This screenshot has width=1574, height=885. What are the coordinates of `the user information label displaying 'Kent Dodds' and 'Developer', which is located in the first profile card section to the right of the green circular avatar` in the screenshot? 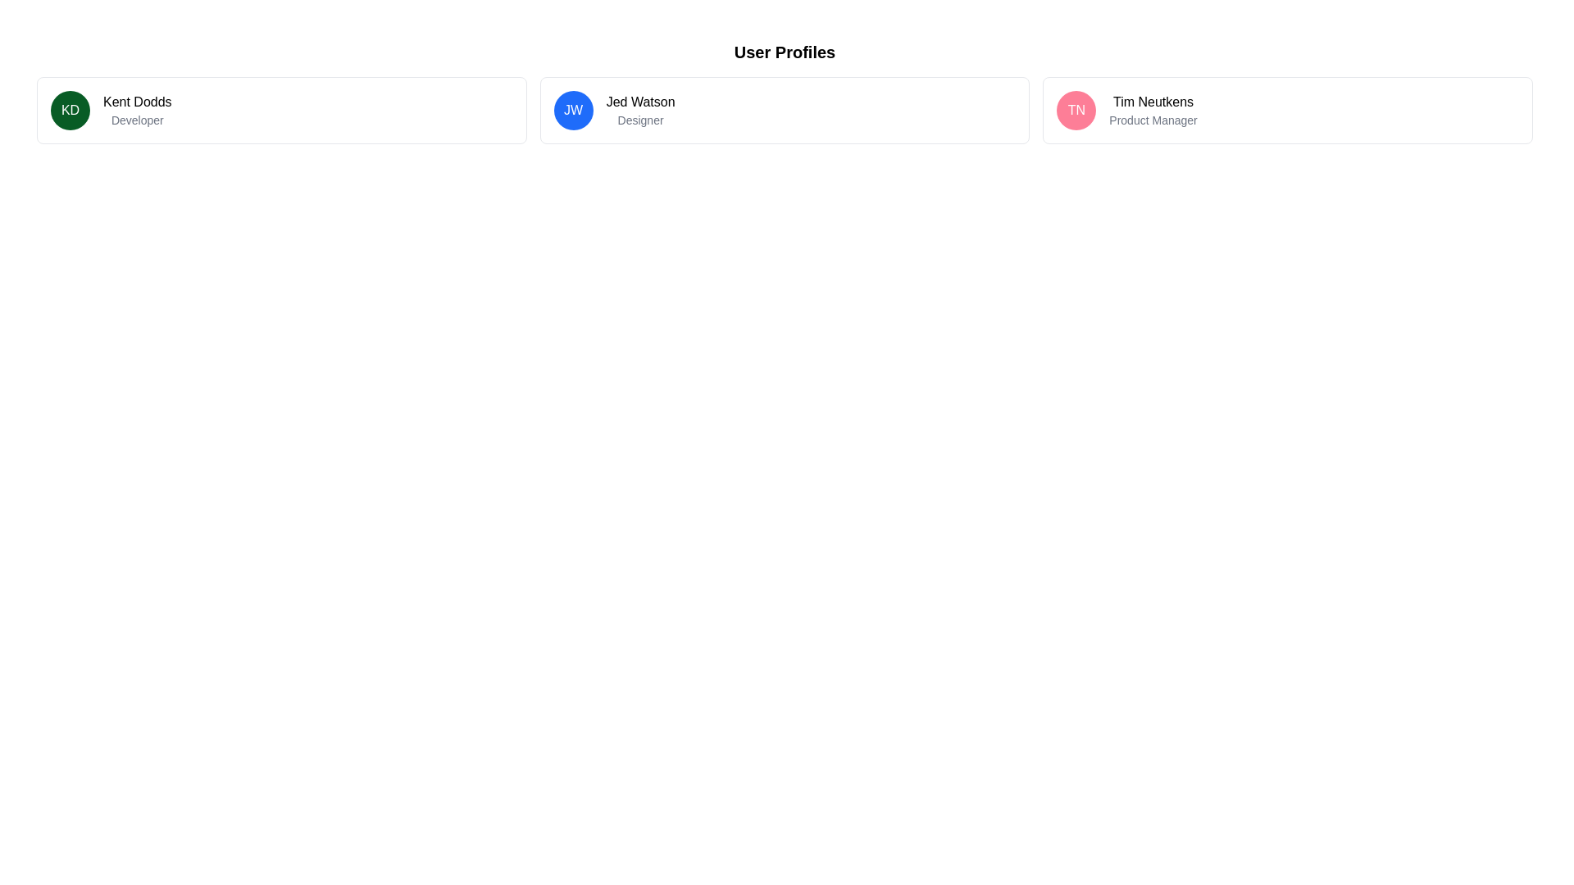 It's located at (137, 111).